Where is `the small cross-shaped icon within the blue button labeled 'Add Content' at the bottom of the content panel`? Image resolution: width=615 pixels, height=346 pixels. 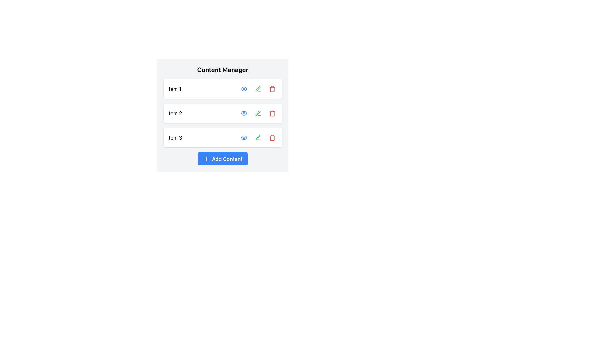
the small cross-shaped icon within the blue button labeled 'Add Content' at the bottom of the content panel is located at coordinates (206, 159).